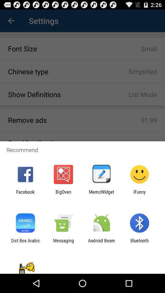 The width and height of the screenshot is (165, 293). I want to click on the icon next to the dict box arabic item, so click(63, 243).